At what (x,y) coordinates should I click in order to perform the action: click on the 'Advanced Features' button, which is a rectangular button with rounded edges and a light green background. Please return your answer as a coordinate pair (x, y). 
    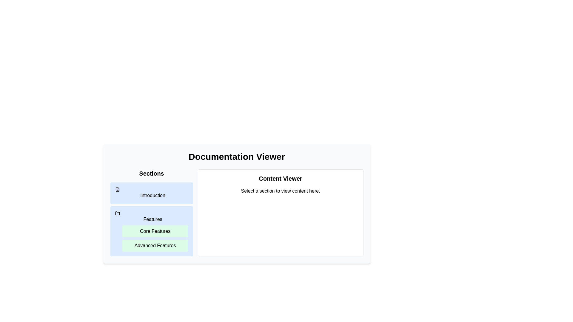
    Looking at the image, I should click on (155, 246).